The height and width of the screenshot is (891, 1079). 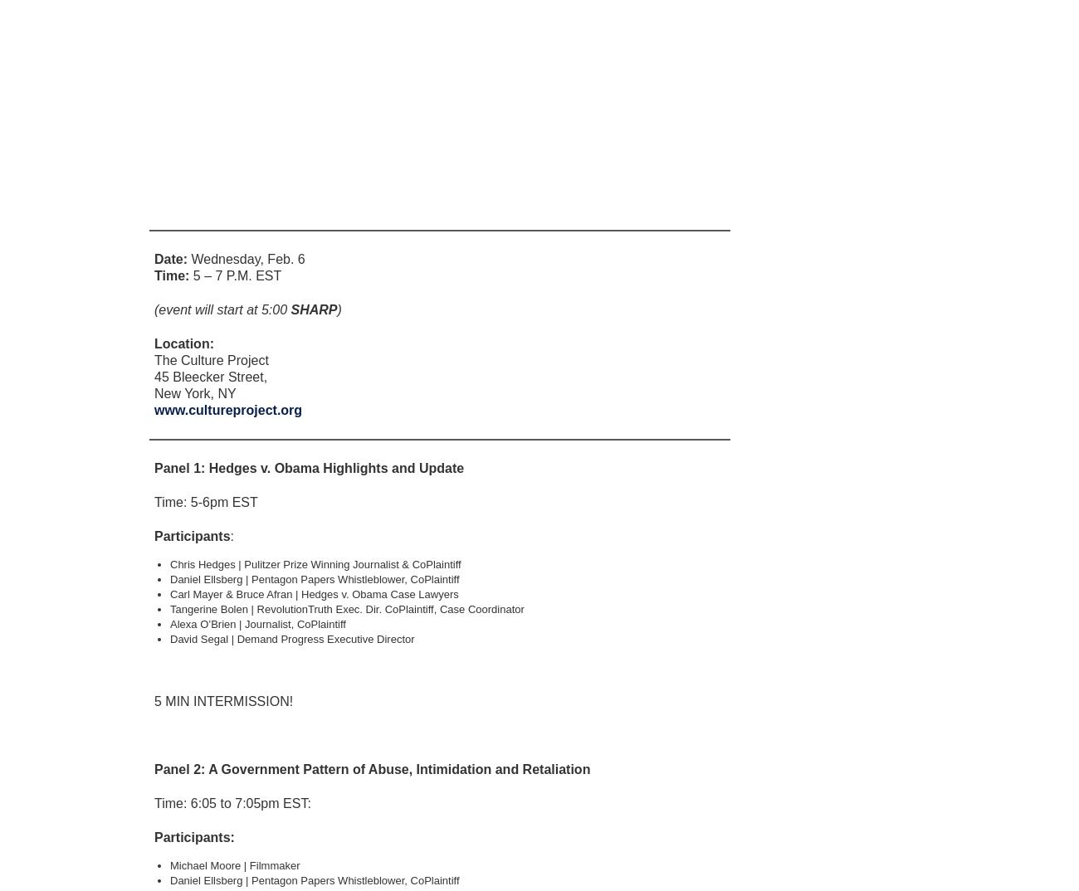 I want to click on 'New York, NY', so click(x=194, y=392).